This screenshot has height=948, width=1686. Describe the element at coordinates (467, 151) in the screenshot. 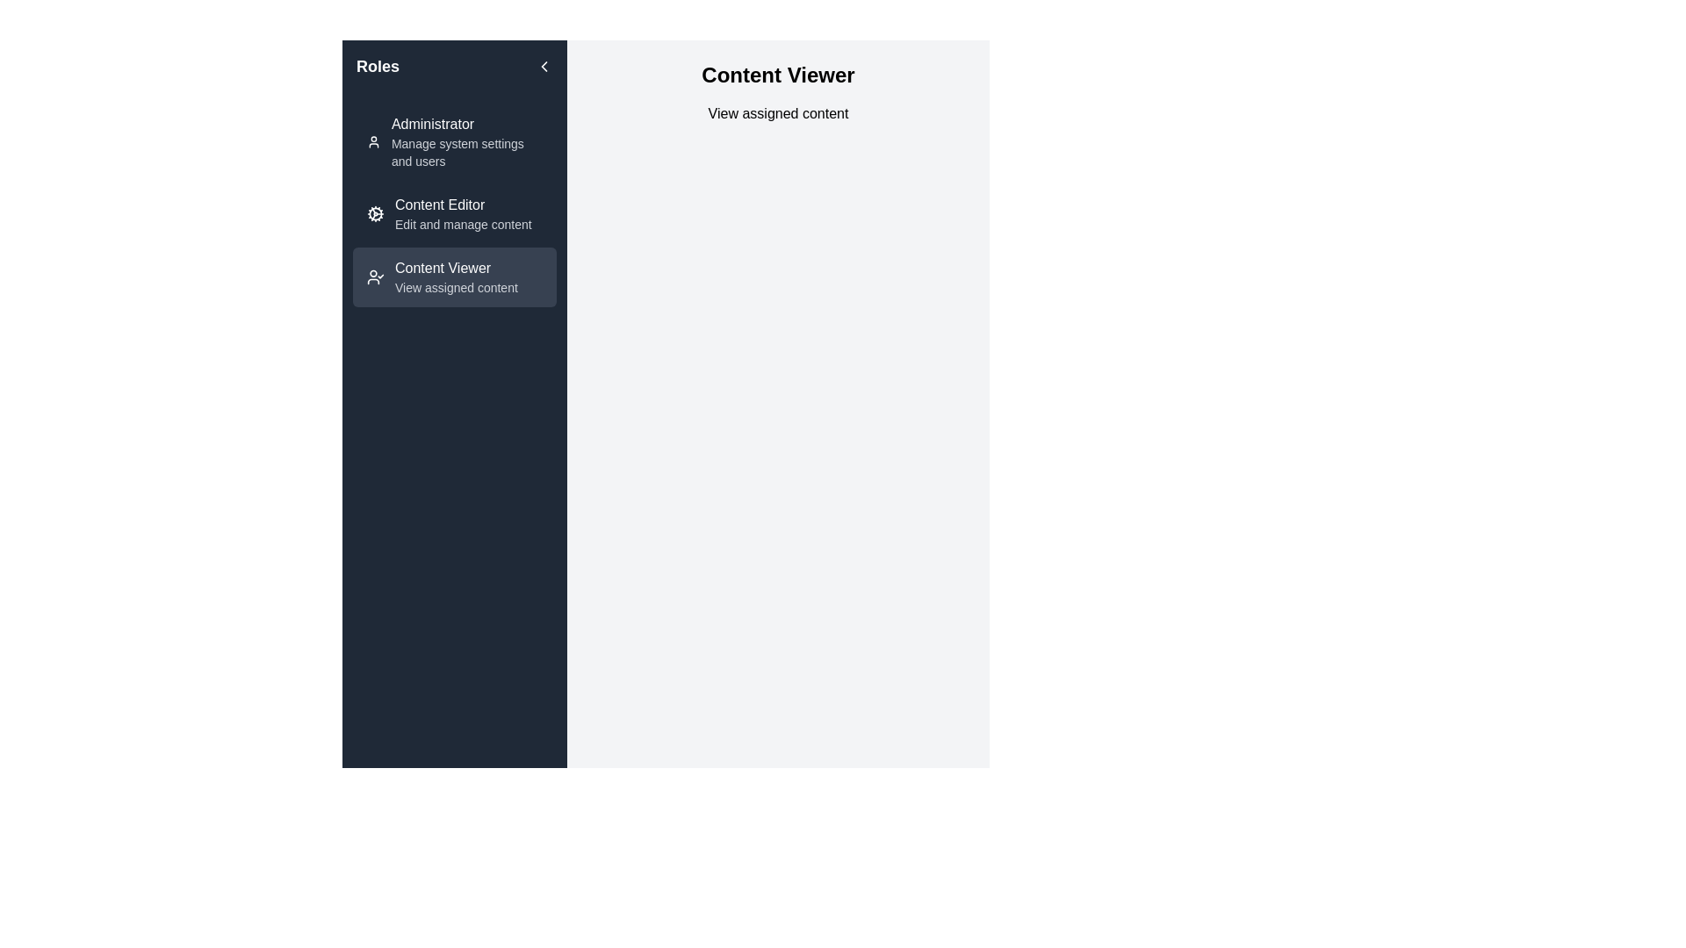

I see `the Text label that describes the Administrator role, located under the 'Administrator' heading in the left sidebar` at that location.